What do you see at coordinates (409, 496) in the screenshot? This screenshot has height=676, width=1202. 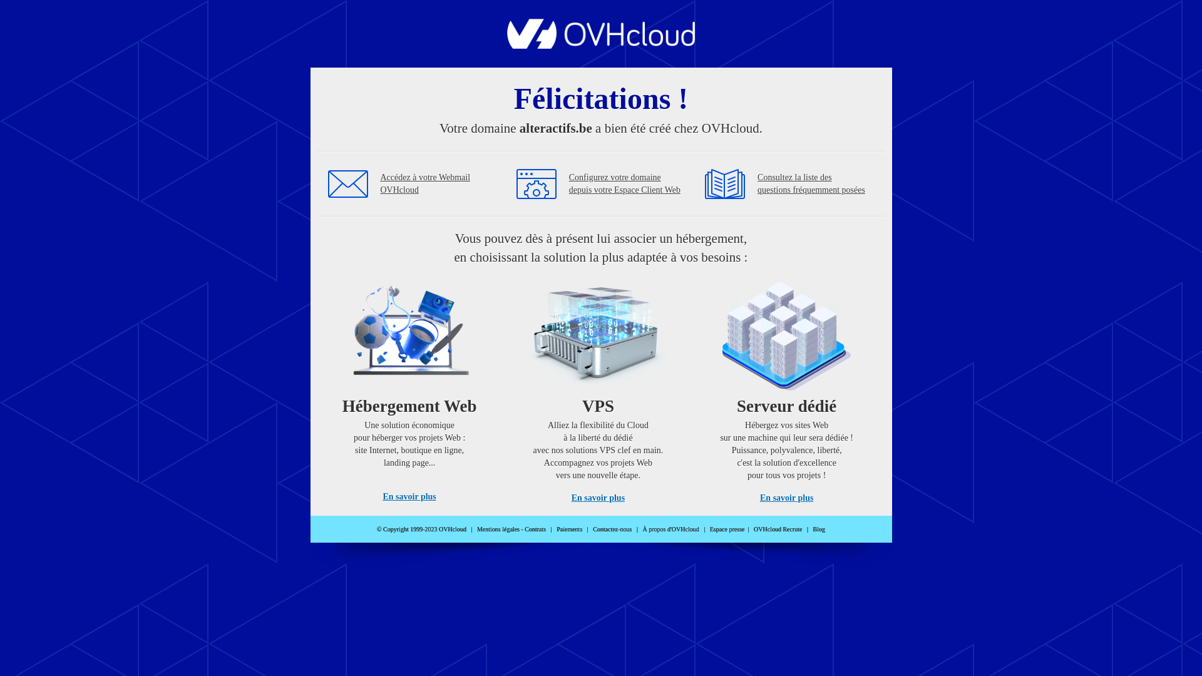 I see `'En savoir plus'` at bounding box center [409, 496].